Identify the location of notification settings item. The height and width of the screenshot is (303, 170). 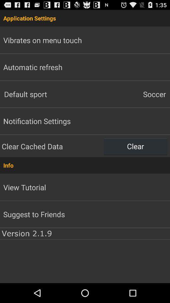
(37, 121).